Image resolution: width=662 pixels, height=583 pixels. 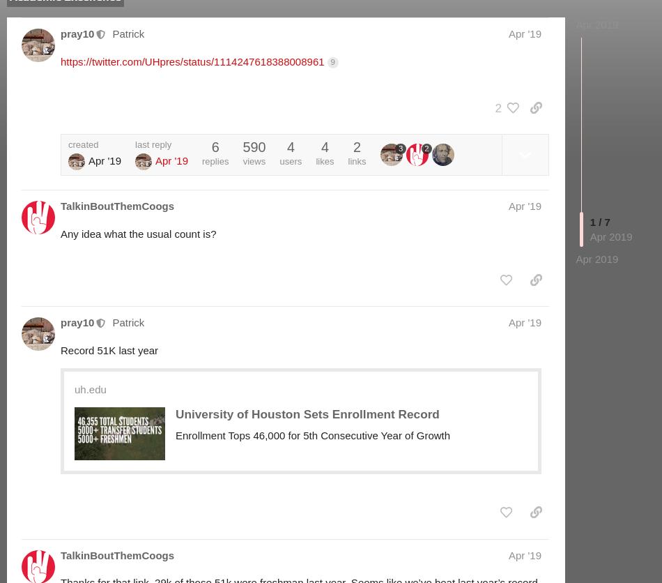 What do you see at coordinates (214, 147) in the screenshot?
I see `'6'` at bounding box center [214, 147].